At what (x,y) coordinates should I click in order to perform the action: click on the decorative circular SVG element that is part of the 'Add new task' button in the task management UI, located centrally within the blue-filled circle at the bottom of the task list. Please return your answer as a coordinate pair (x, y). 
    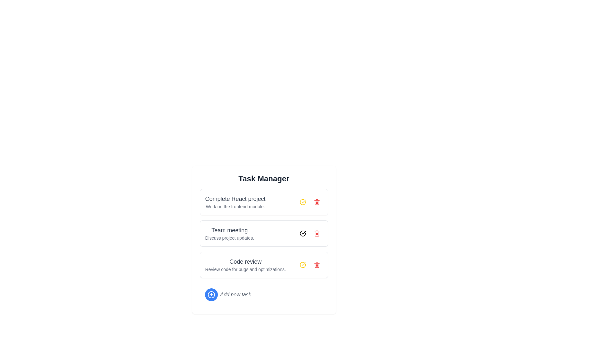
    Looking at the image, I should click on (211, 295).